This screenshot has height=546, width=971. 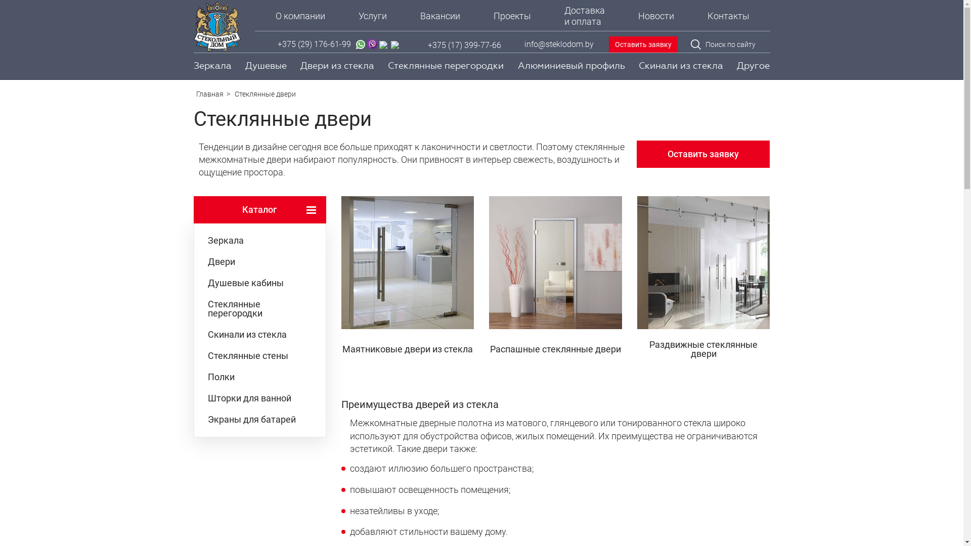 What do you see at coordinates (558, 44) in the screenshot?
I see `'info@steklodom.by'` at bounding box center [558, 44].